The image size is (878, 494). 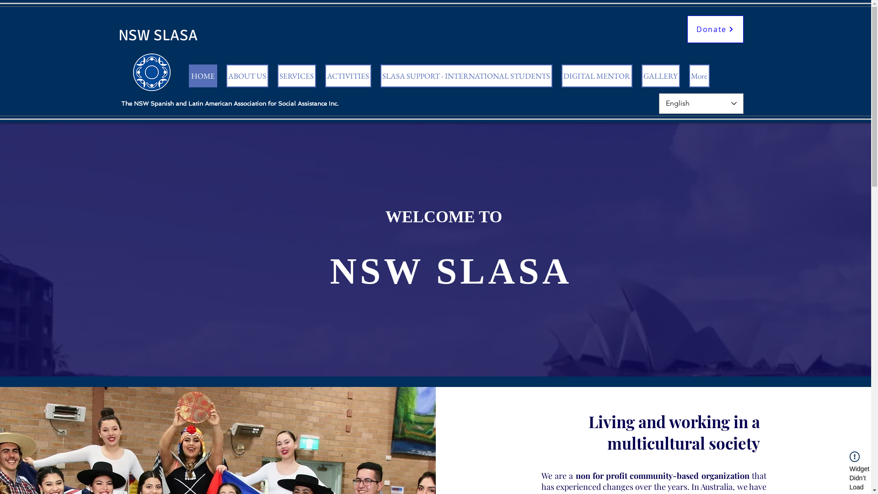 What do you see at coordinates (246, 75) in the screenshot?
I see `'ABOUT US'` at bounding box center [246, 75].